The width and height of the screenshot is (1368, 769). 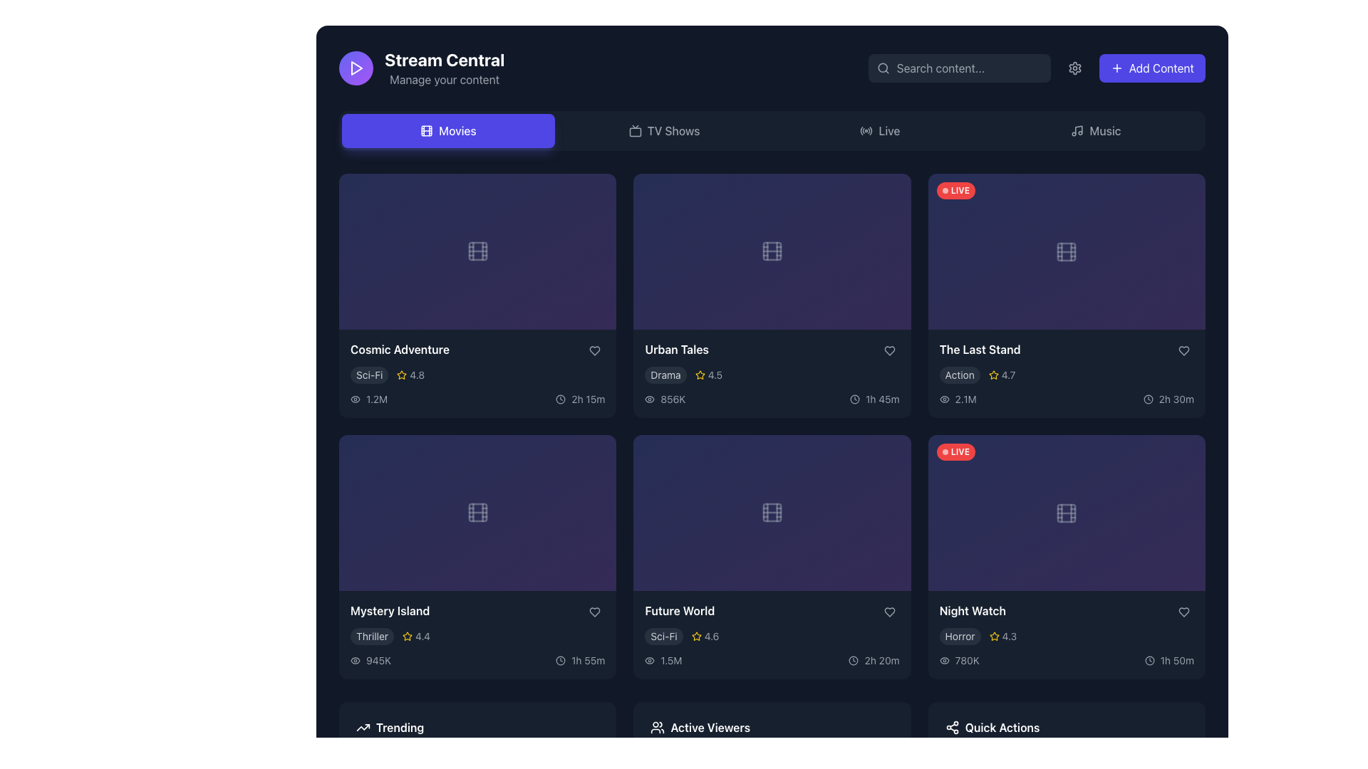 I want to click on the Metadata display located within the 'Mystery Island' card in the third row of the grid layout under the 'Movies' section, which provides information about the movie's genre and user rating, so click(x=477, y=636).